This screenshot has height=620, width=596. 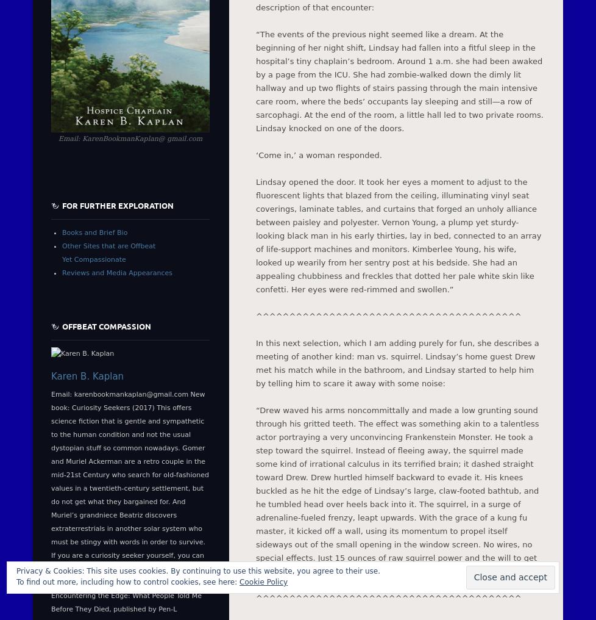 What do you see at coordinates (51, 377) in the screenshot?
I see `'Karen B. Kaplan'` at bounding box center [51, 377].